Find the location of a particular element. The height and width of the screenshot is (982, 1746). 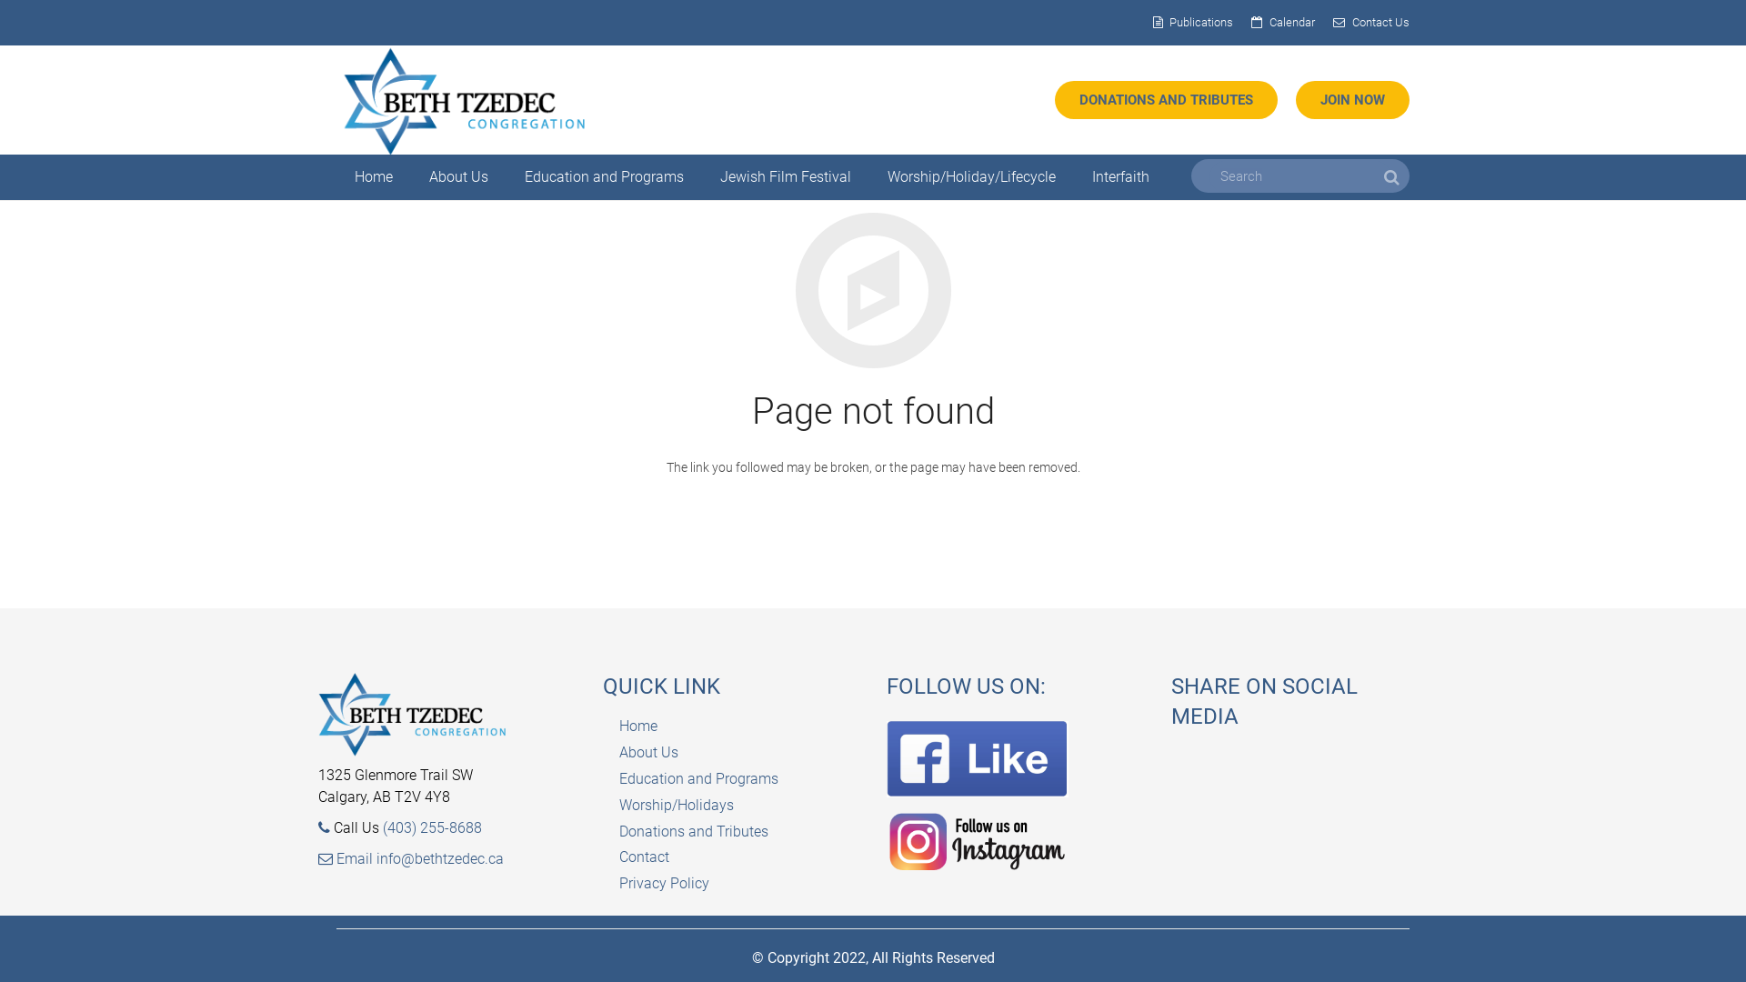

'Contact Us' is located at coordinates (1380, 22).